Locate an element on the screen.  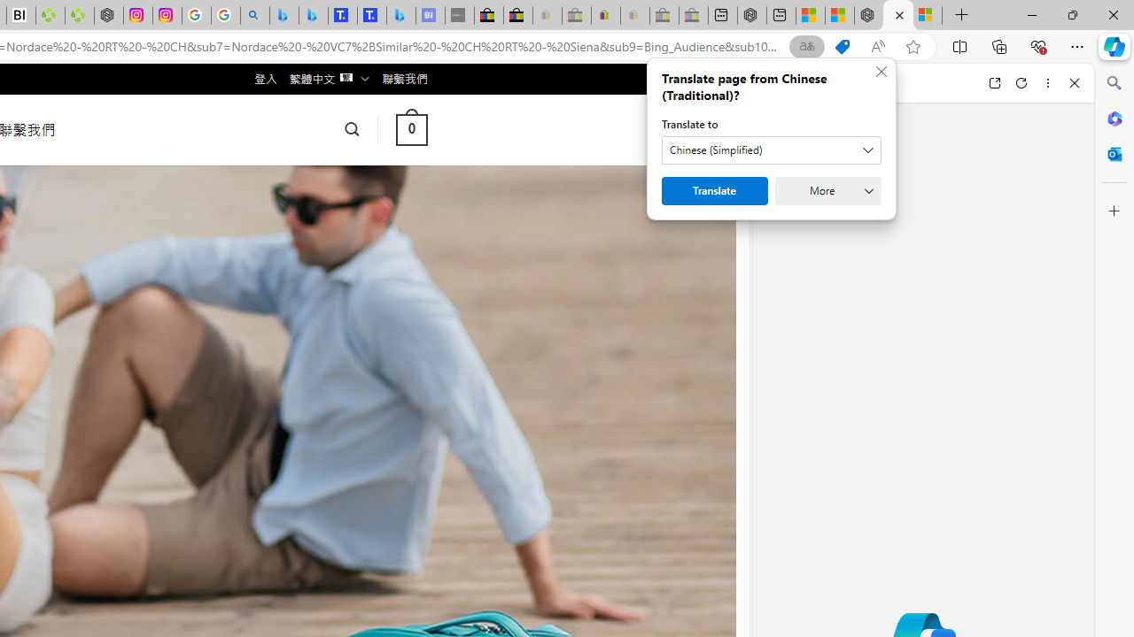
'More' is located at coordinates (827, 191).